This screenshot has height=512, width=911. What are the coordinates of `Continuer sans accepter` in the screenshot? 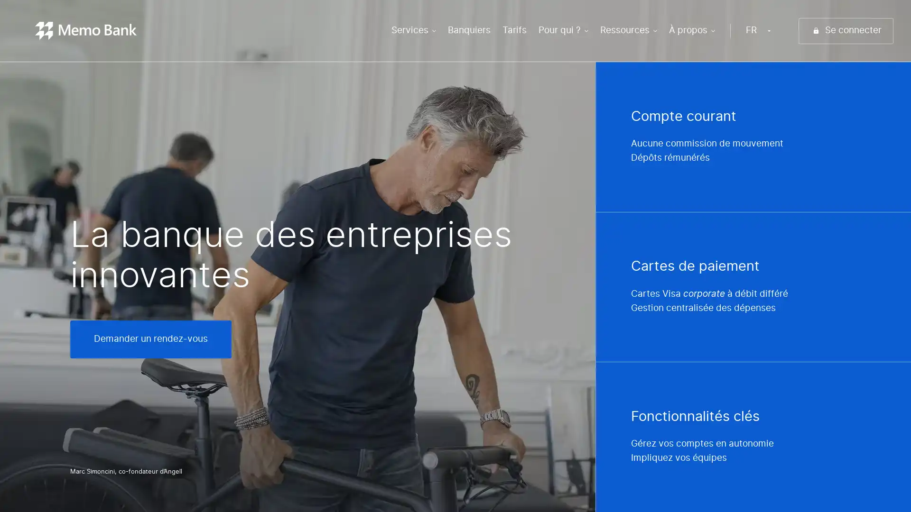 It's located at (56, 349).